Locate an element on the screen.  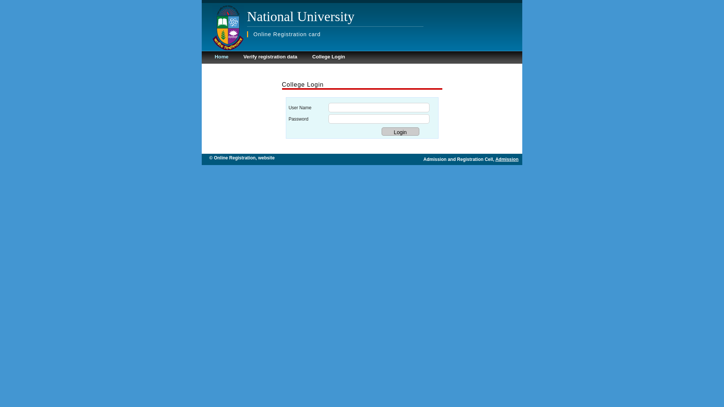
'Admission' is located at coordinates (507, 159).